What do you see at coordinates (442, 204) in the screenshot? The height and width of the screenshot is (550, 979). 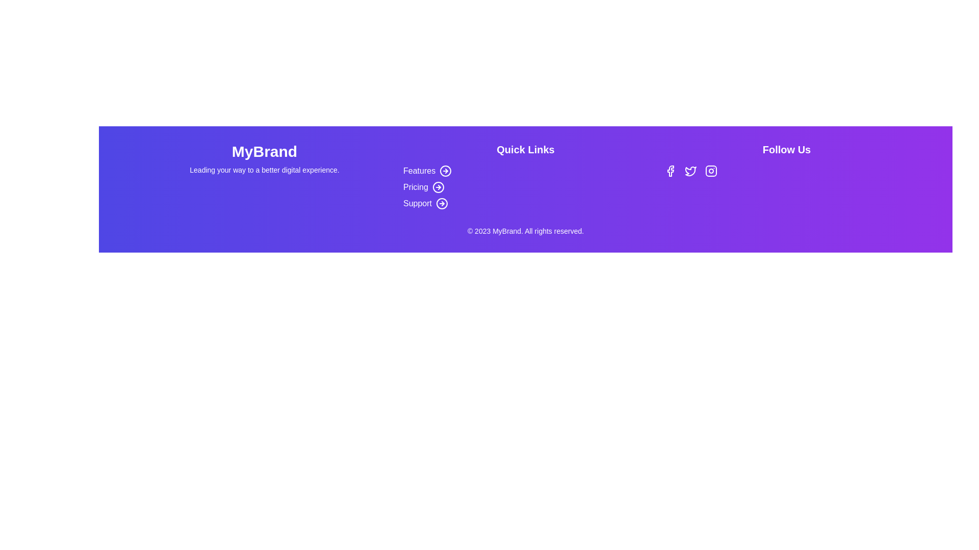 I see `the circular shape icon representing a right-pointing arrow, located next to the 'Support' link in the 'Quick Links' section of the footer` at bounding box center [442, 204].